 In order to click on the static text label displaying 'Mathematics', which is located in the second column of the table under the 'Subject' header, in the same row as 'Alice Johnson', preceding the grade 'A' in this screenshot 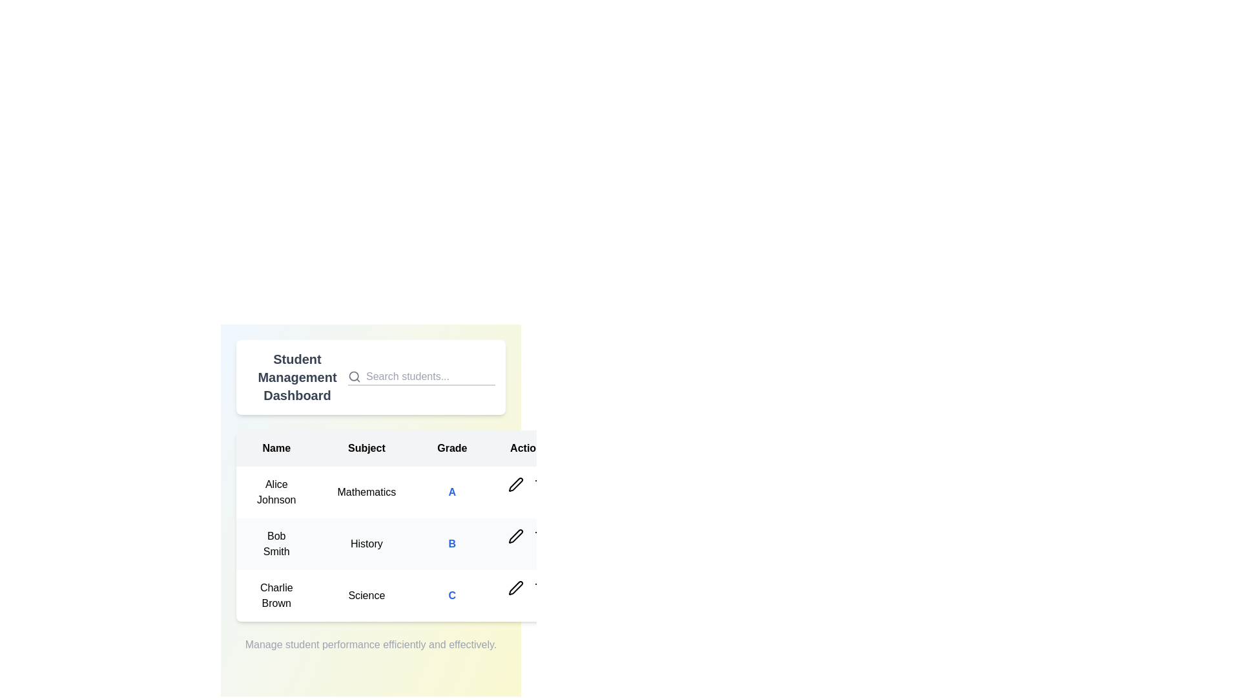, I will do `click(366, 492)`.